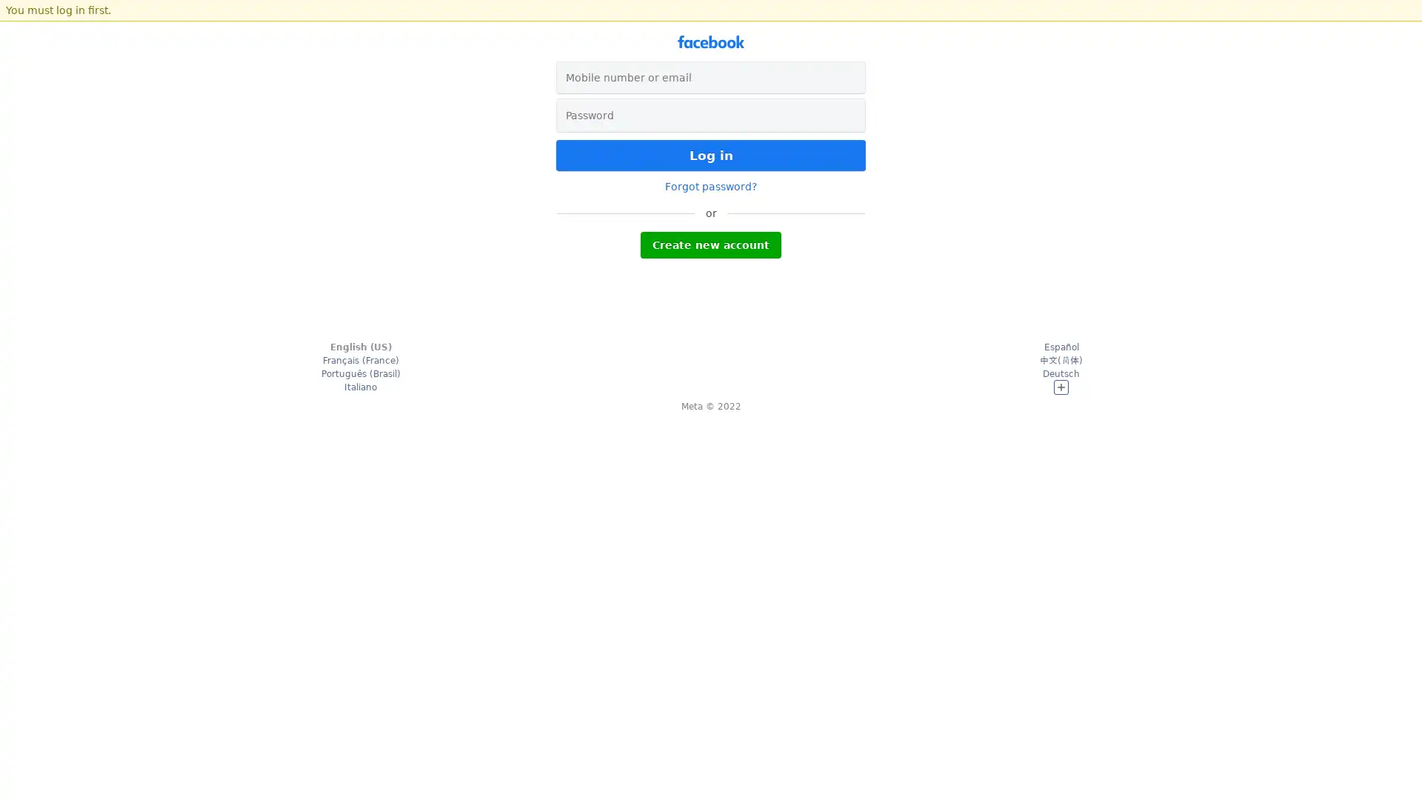 This screenshot has height=800, width=1422. Describe the element at coordinates (711, 244) in the screenshot. I see `Create new account` at that location.